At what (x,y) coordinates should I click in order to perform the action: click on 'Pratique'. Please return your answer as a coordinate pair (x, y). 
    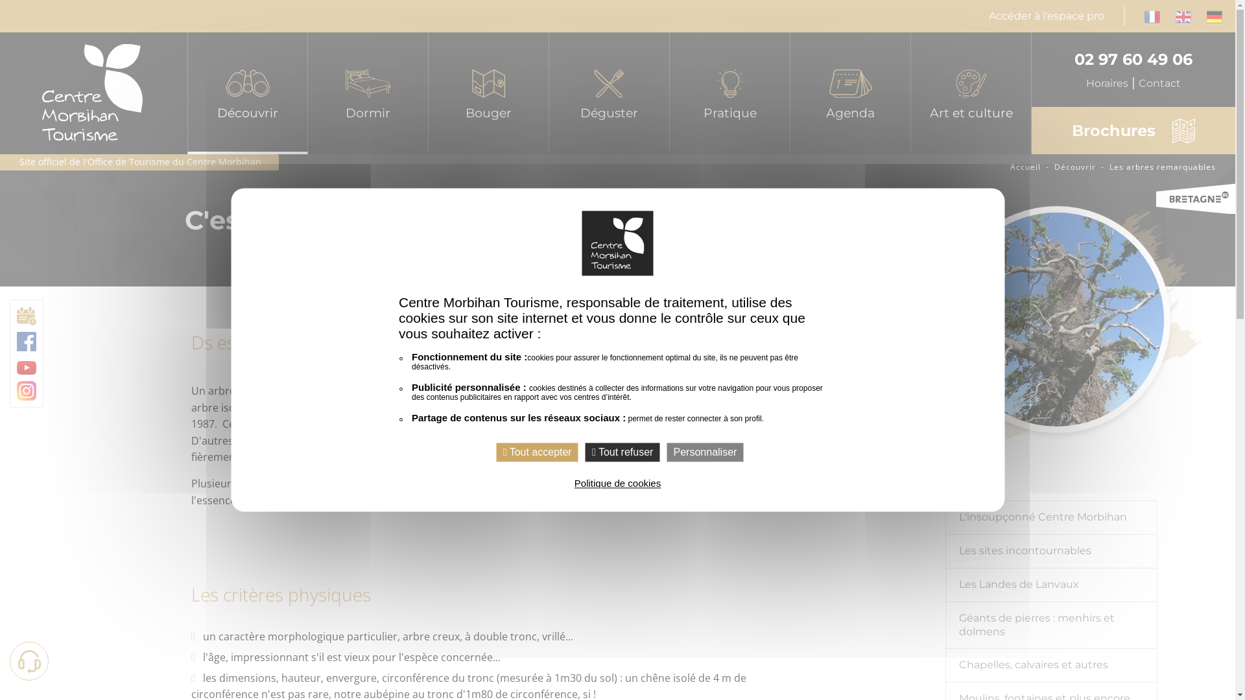
    Looking at the image, I should click on (730, 92).